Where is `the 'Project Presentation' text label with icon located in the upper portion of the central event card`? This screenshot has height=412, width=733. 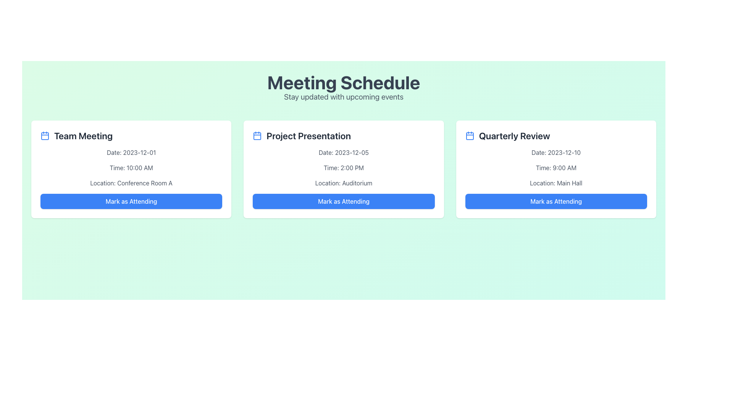
the 'Project Presentation' text label with icon located in the upper portion of the central event card is located at coordinates (343, 135).